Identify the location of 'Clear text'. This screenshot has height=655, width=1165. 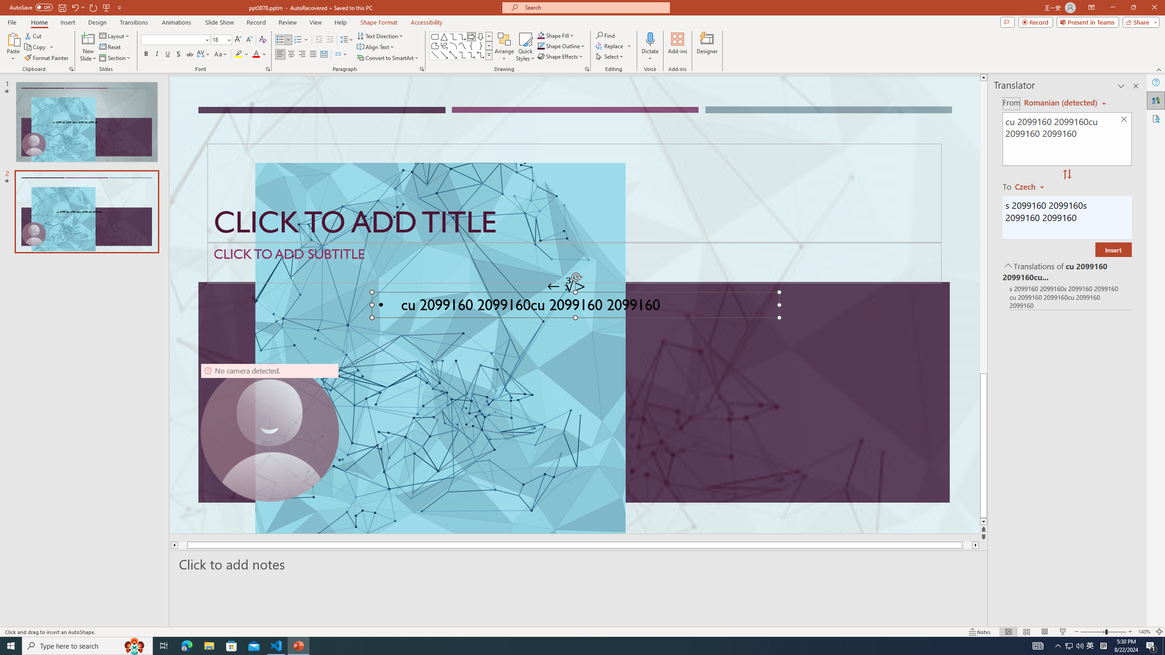
(1124, 120).